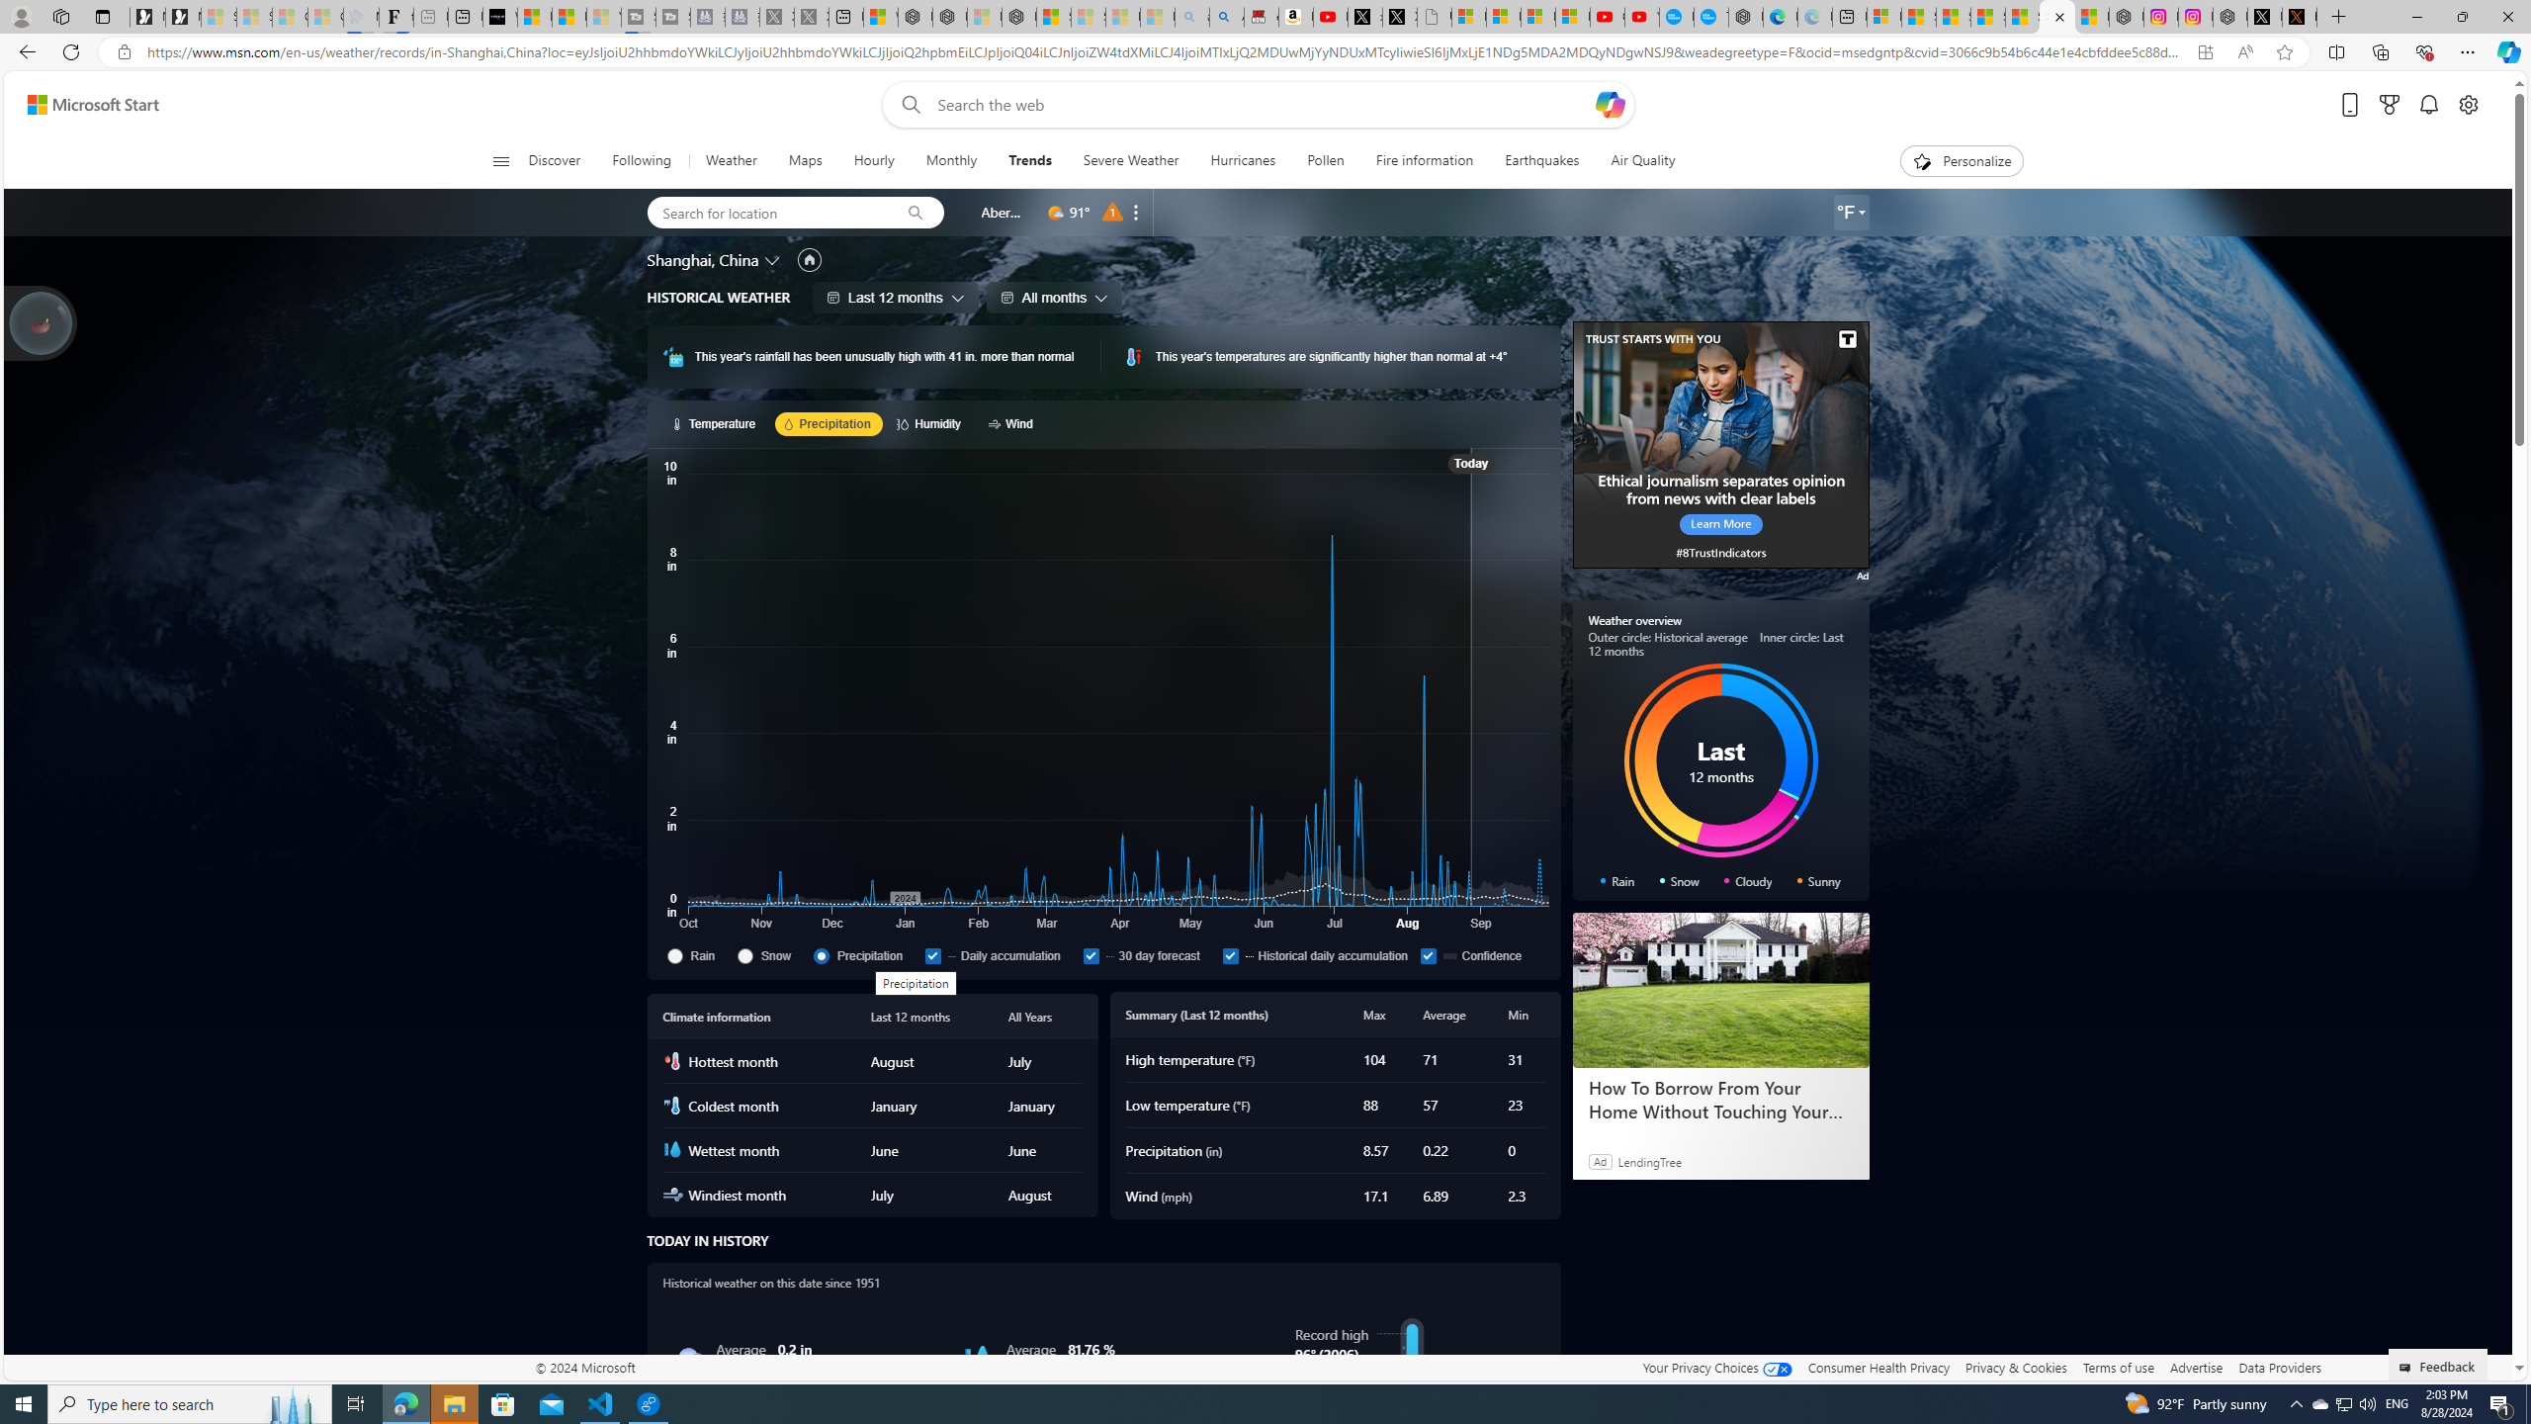 This screenshot has height=1424, width=2531. Describe the element at coordinates (2117, 1367) in the screenshot. I see `'Terms of use'` at that location.